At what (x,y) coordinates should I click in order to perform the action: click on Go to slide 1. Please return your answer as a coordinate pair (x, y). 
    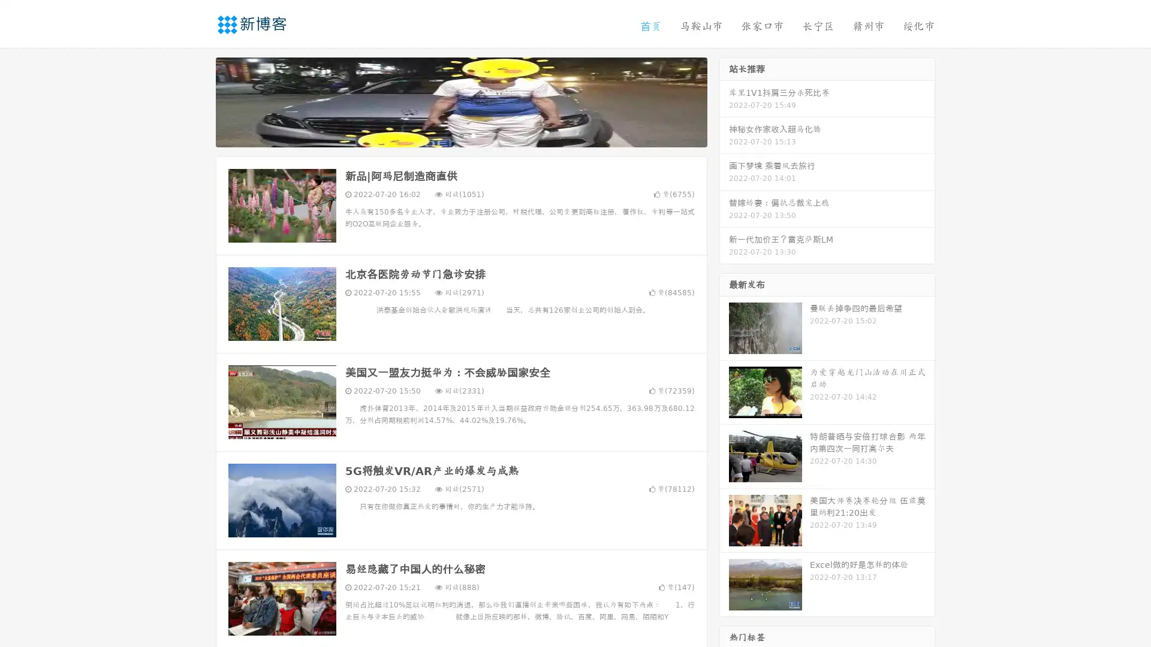
    Looking at the image, I should click on (448, 135).